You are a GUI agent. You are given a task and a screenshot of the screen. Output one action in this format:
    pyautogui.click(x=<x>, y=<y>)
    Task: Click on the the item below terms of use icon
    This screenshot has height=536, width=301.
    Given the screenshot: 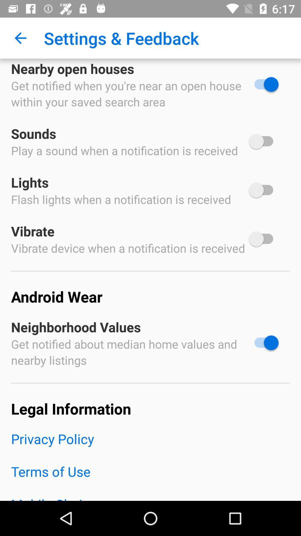 What is the action you would take?
    pyautogui.click(x=151, y=498)
    